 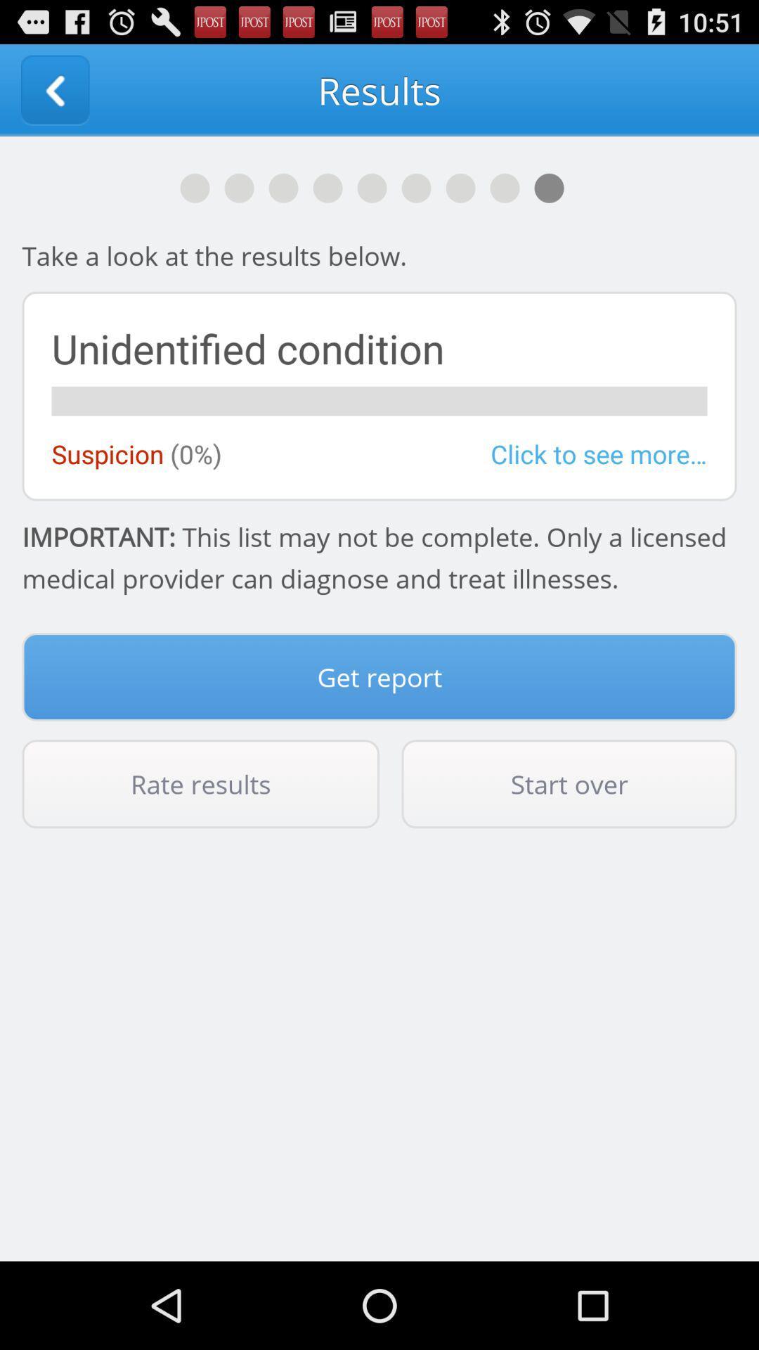 What do you see at coordinates (54, 89) in the screenshot?
I see `icon next to the results` at bounding box center [54, 89].